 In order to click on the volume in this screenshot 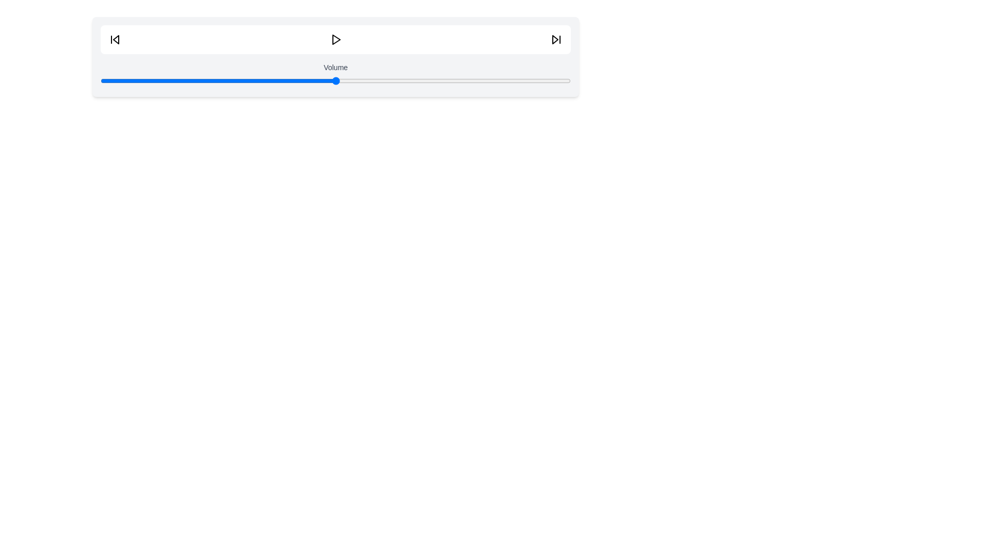, I will do `click(449, 80)`.